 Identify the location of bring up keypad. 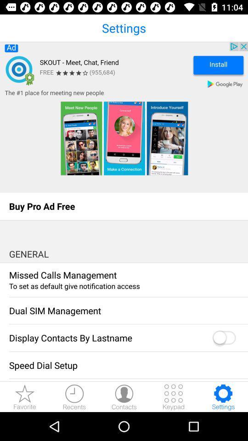
(174, 396).